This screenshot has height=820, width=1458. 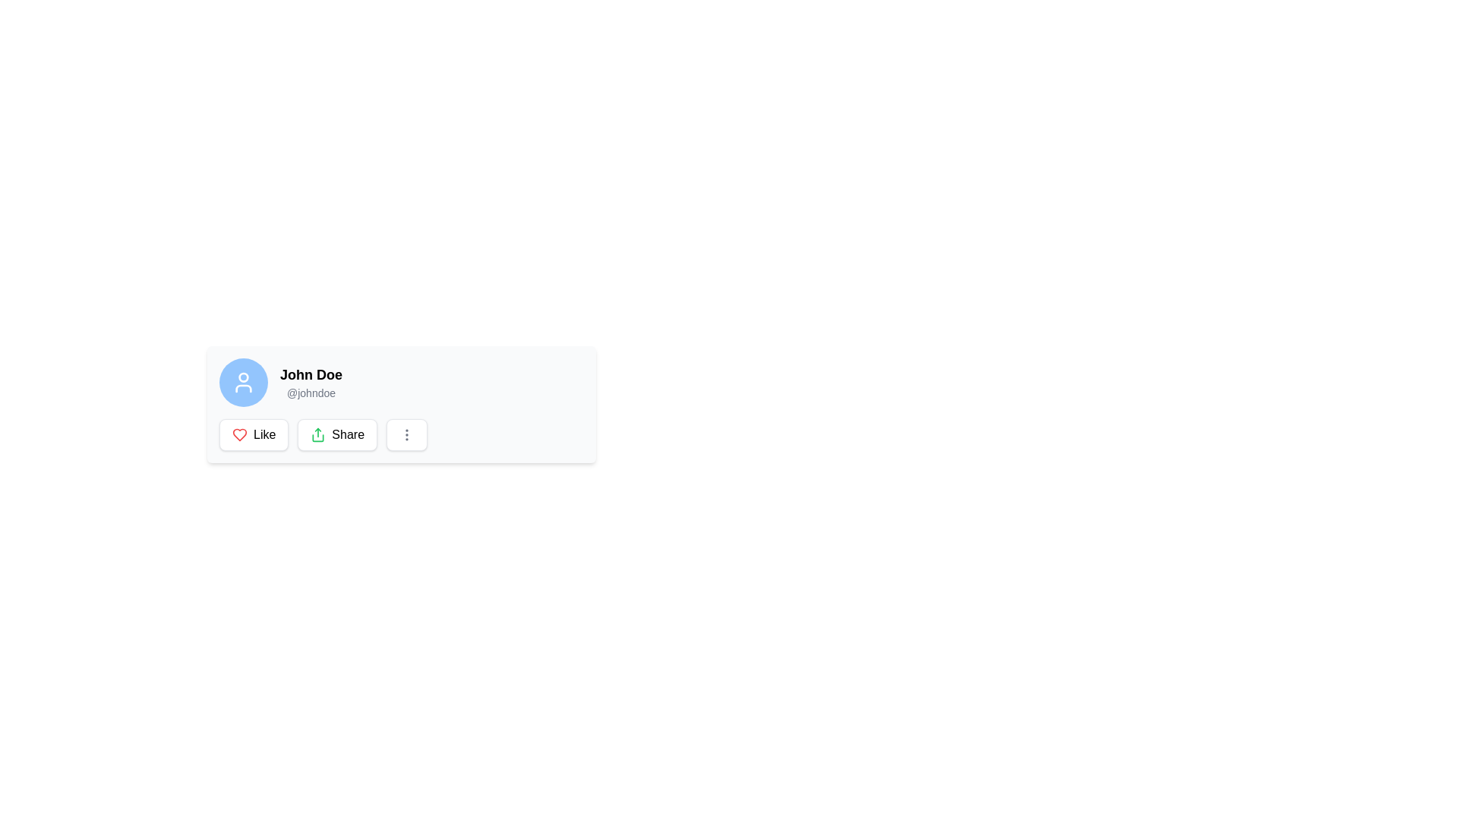 What do you see at coordinates (254, 435) in the screenshot?
I see `the 'Like' interactive button, which is the first button from the left in a row of buttons below the user profile section` at bounding box center [254, 435].